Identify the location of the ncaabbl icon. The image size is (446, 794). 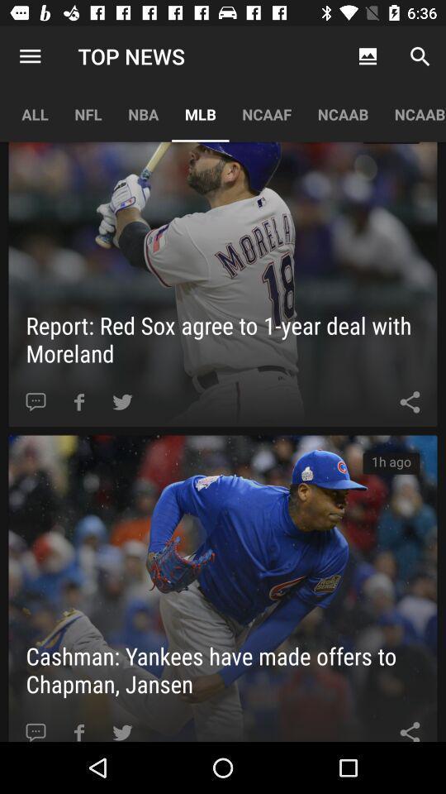
(413, 113).